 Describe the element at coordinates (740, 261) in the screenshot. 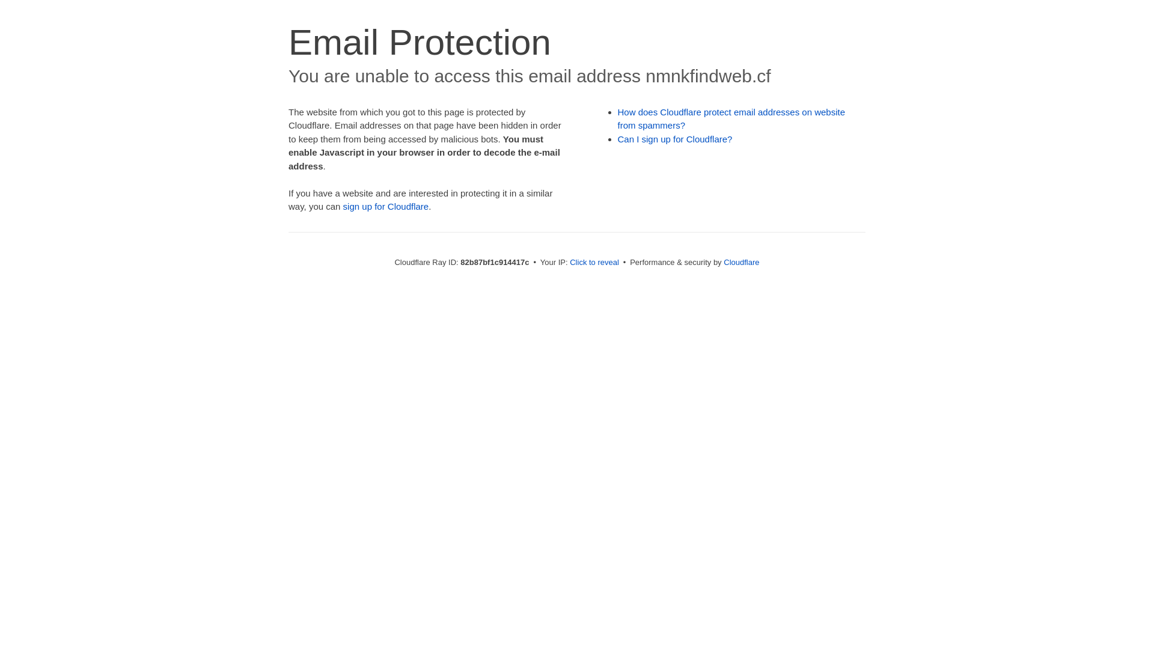

I see `'Cloudflare'` at that location.